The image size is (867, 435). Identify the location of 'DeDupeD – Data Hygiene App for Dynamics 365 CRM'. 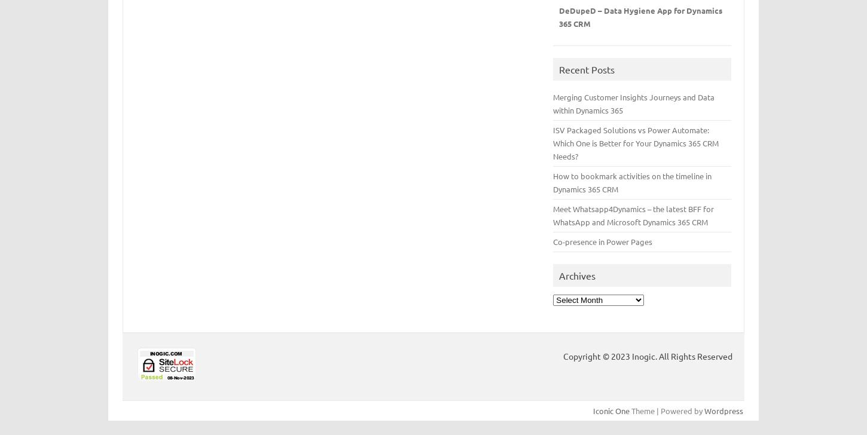
(640, 16).